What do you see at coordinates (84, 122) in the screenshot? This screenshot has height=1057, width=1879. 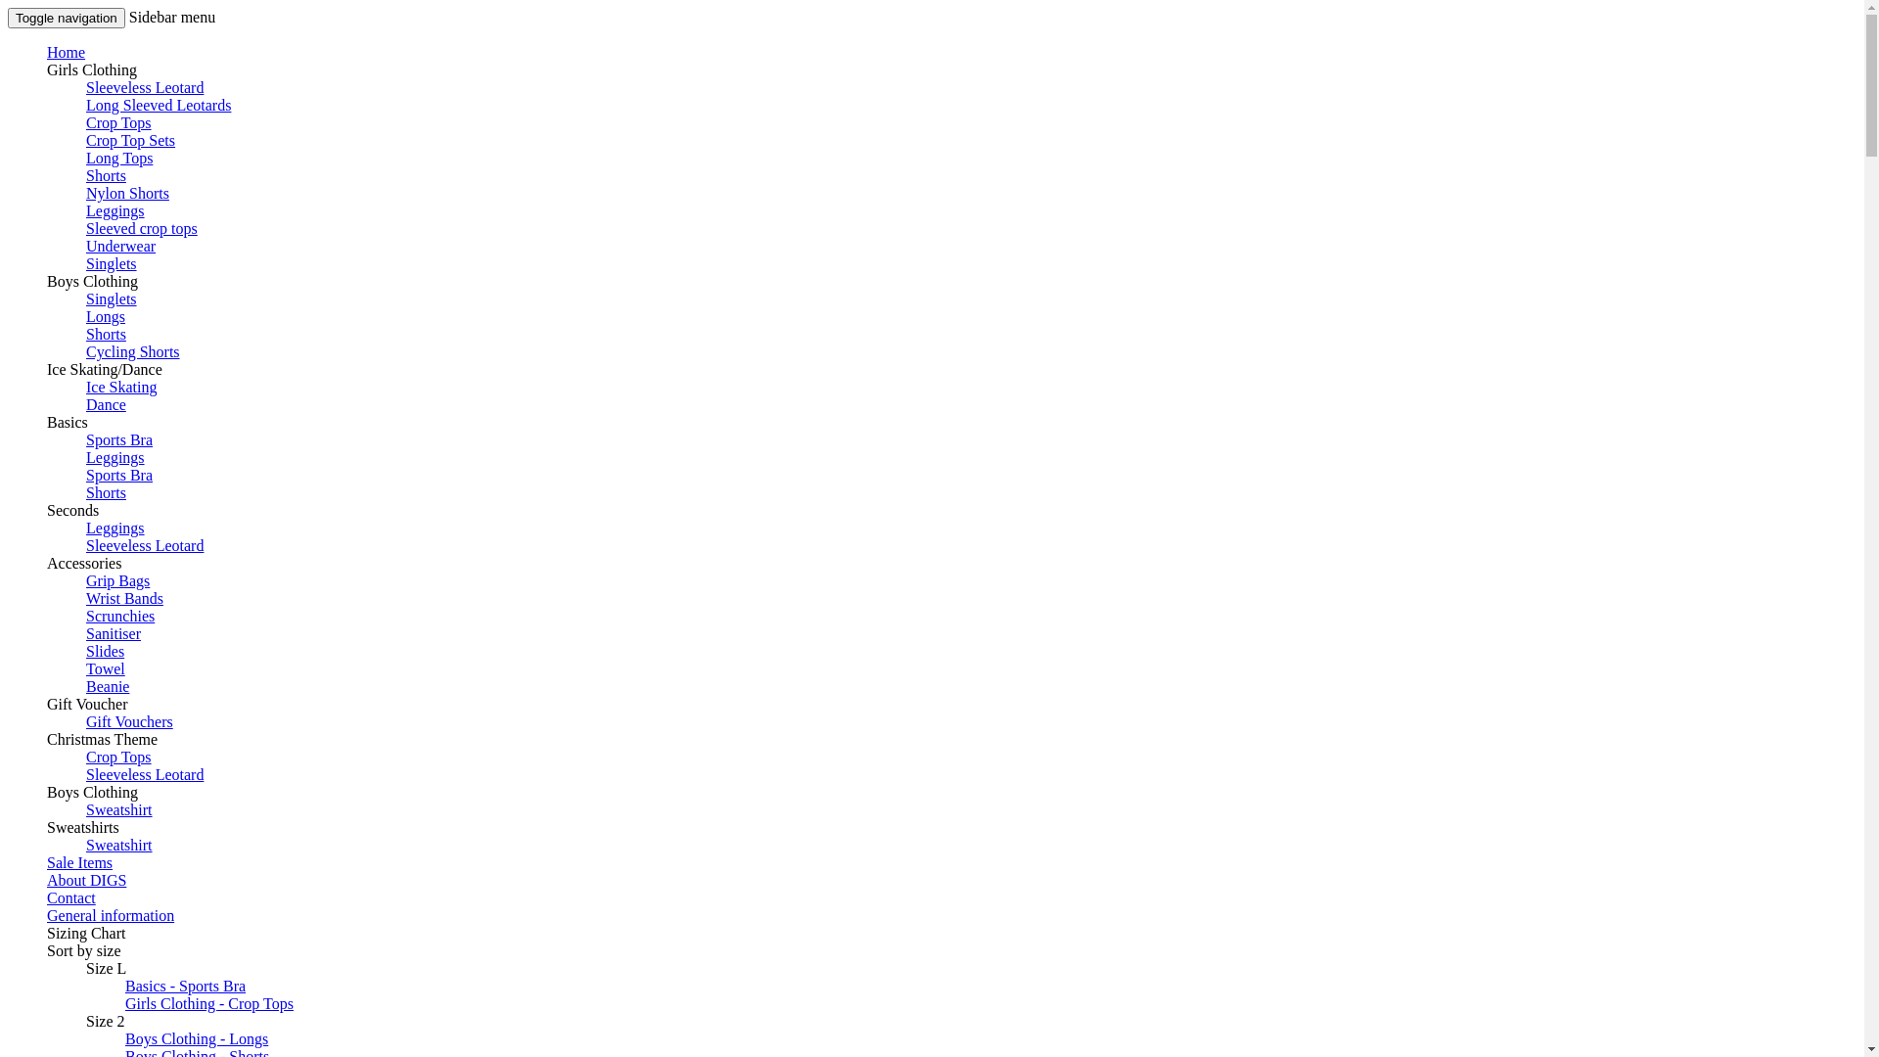 I see `'Crop Tops'` at bounding box center [84, 122].